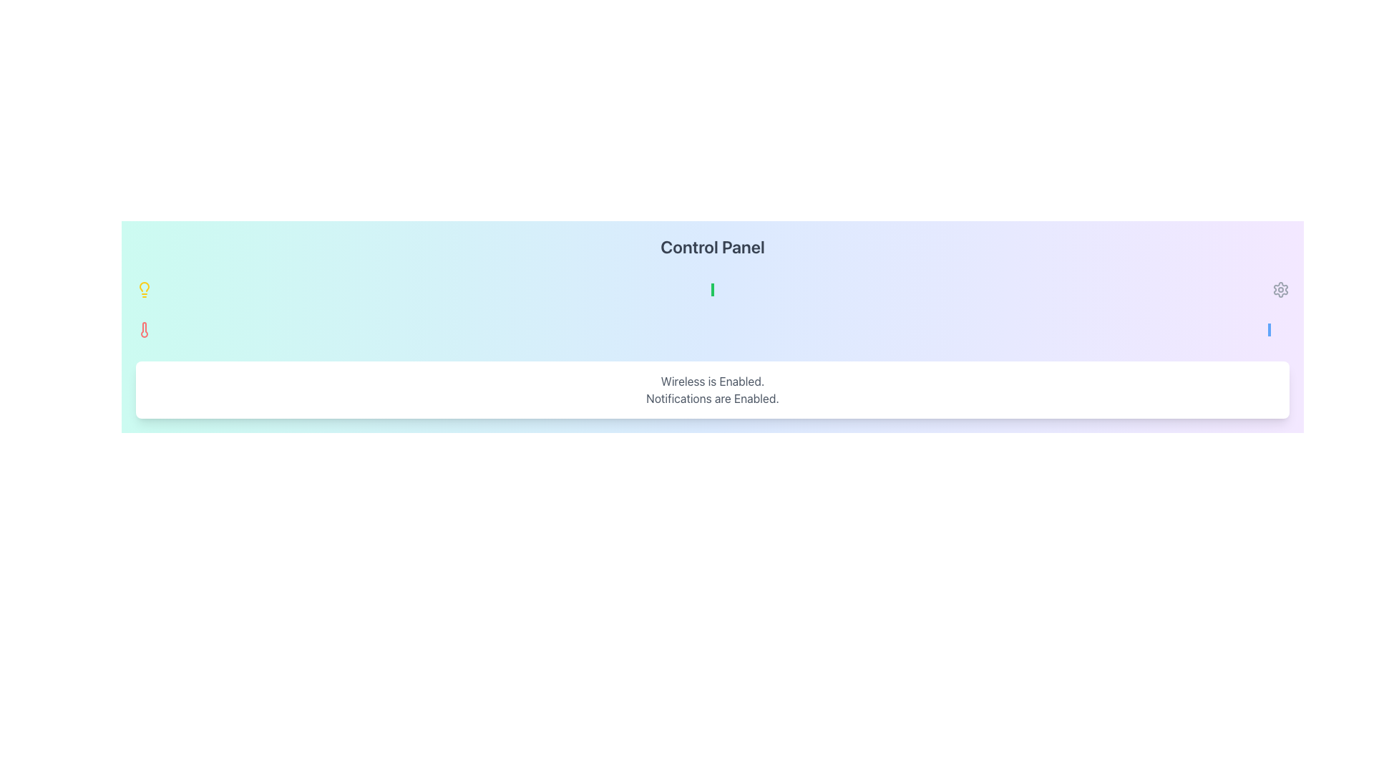  What do you see at coordinates (713, 245) in the screenshot?
I see `the text label that serves as the title for the control panel, positioned centrally at the top of the gradient background` at bounding box center [713, 245].